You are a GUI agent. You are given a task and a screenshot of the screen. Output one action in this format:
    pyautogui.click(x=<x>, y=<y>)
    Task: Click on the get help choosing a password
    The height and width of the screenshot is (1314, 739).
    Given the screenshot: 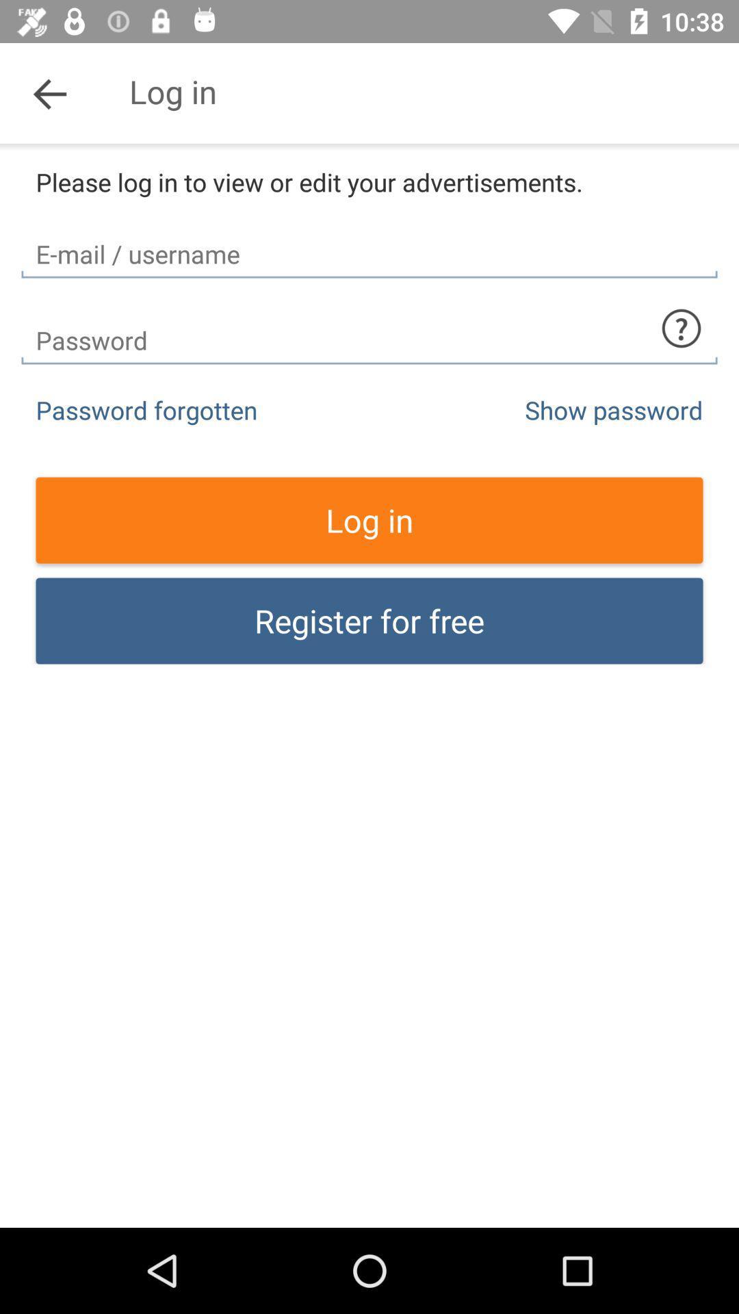 What is the action you would take?
    pyautogui.click(x=681, y=328)
    